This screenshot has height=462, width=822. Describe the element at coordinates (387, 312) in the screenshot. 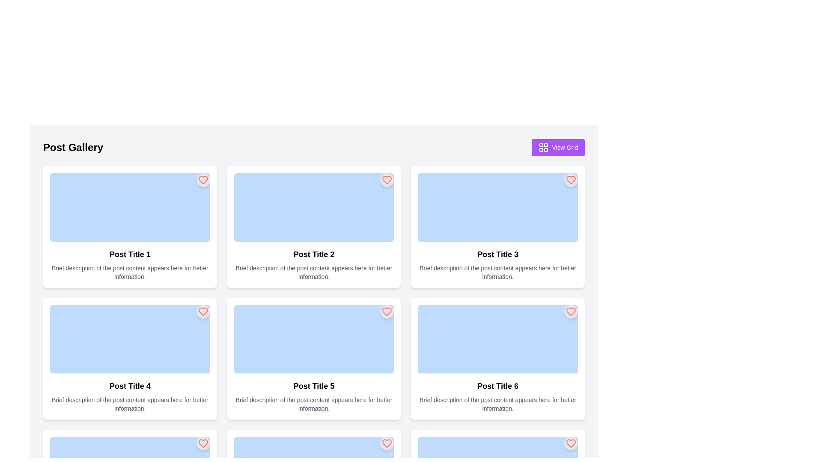

I see `the circular button with a gray background and red heart icon located in the top-right corner of the 'Post Title 5' card` at that location.